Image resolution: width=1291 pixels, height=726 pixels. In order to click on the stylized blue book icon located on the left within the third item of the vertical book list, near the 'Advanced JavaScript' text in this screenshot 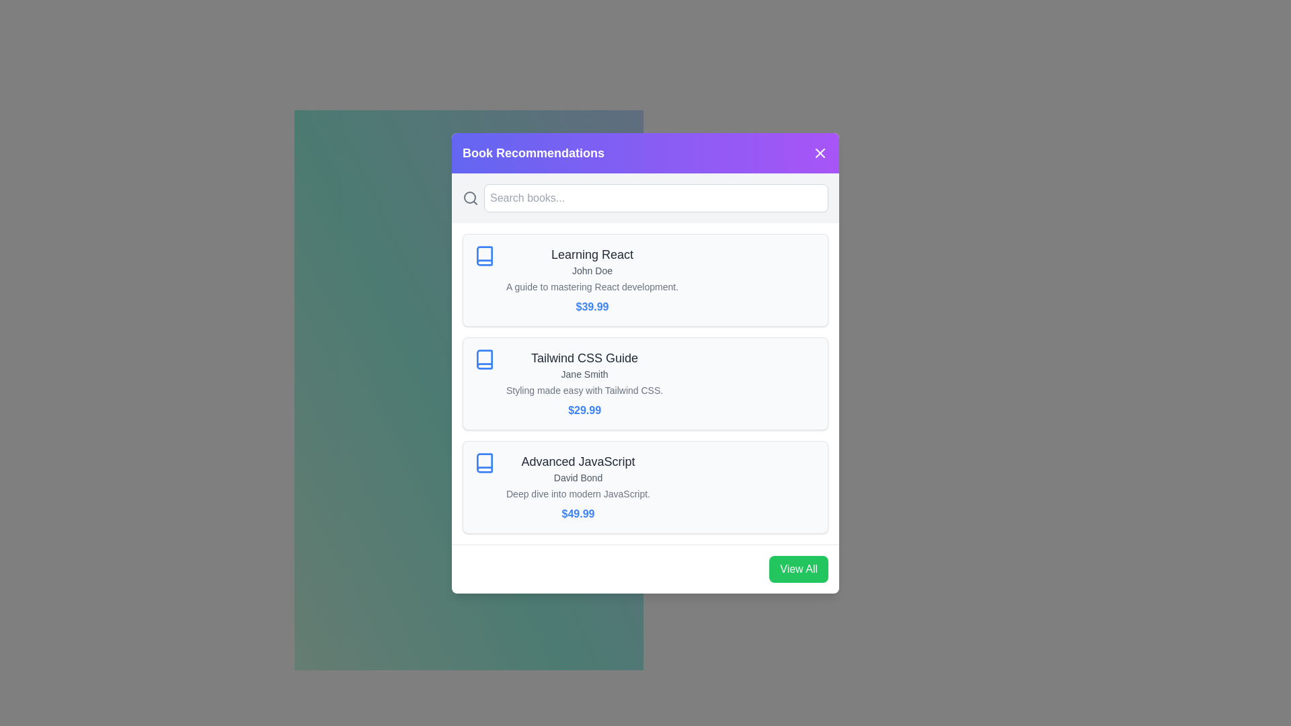, I will do `click(484, 462)`.